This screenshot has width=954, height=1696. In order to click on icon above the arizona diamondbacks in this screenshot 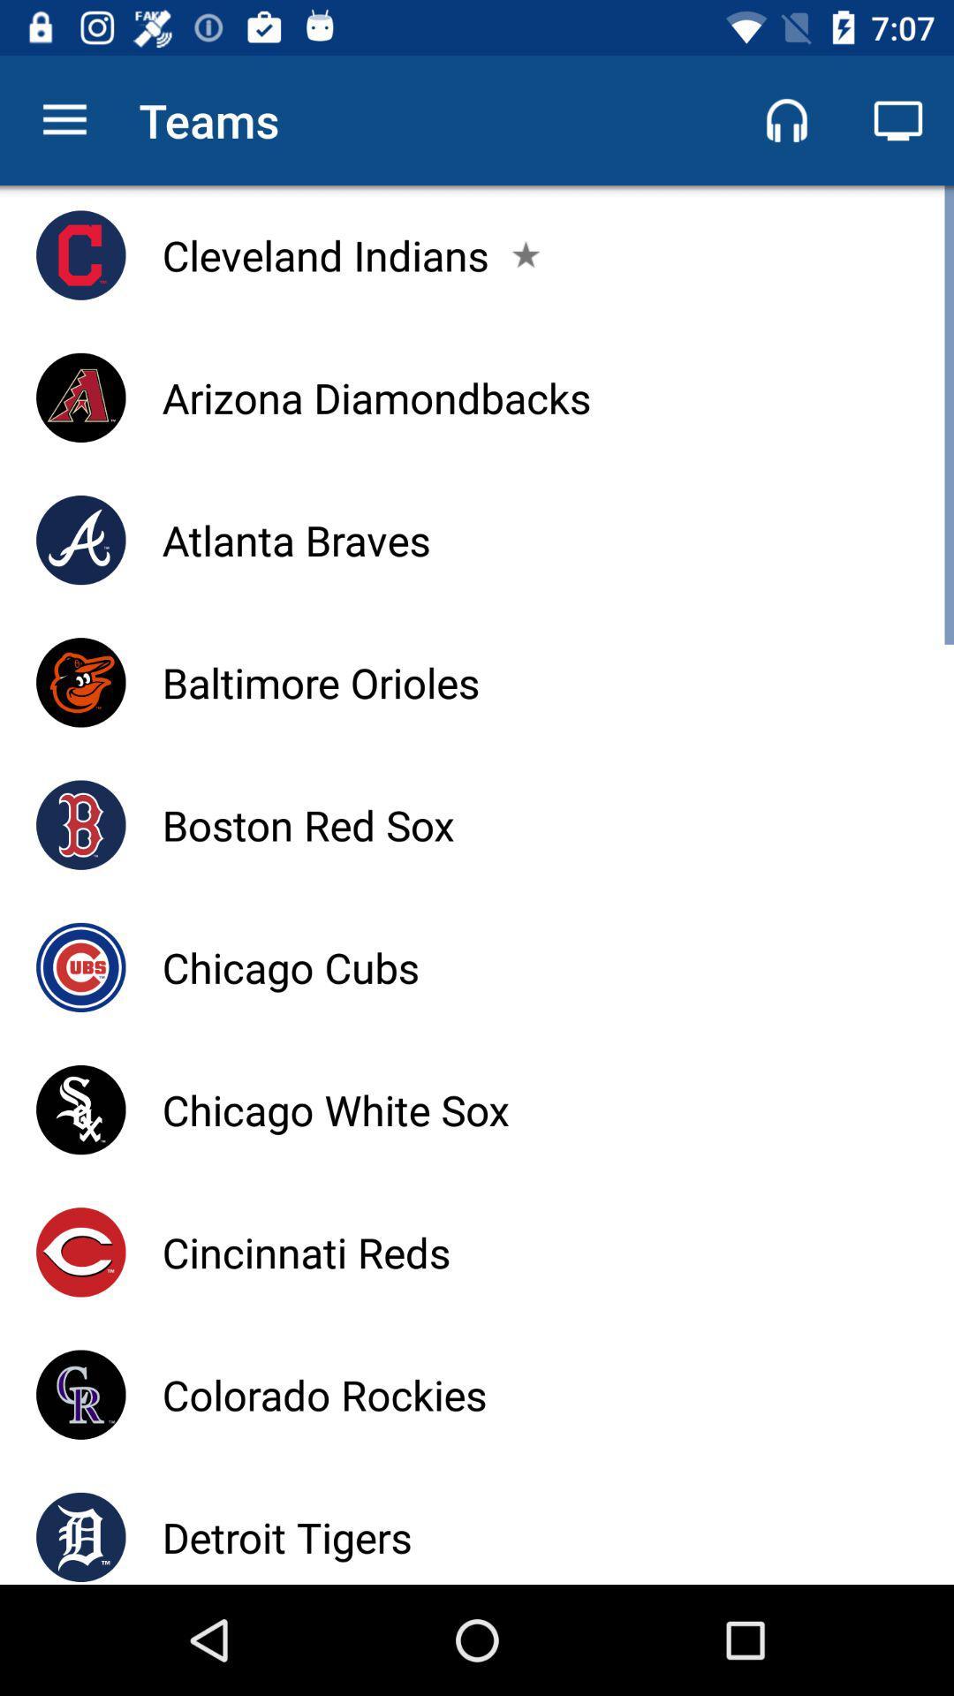, I will do `click(325, 254)`.